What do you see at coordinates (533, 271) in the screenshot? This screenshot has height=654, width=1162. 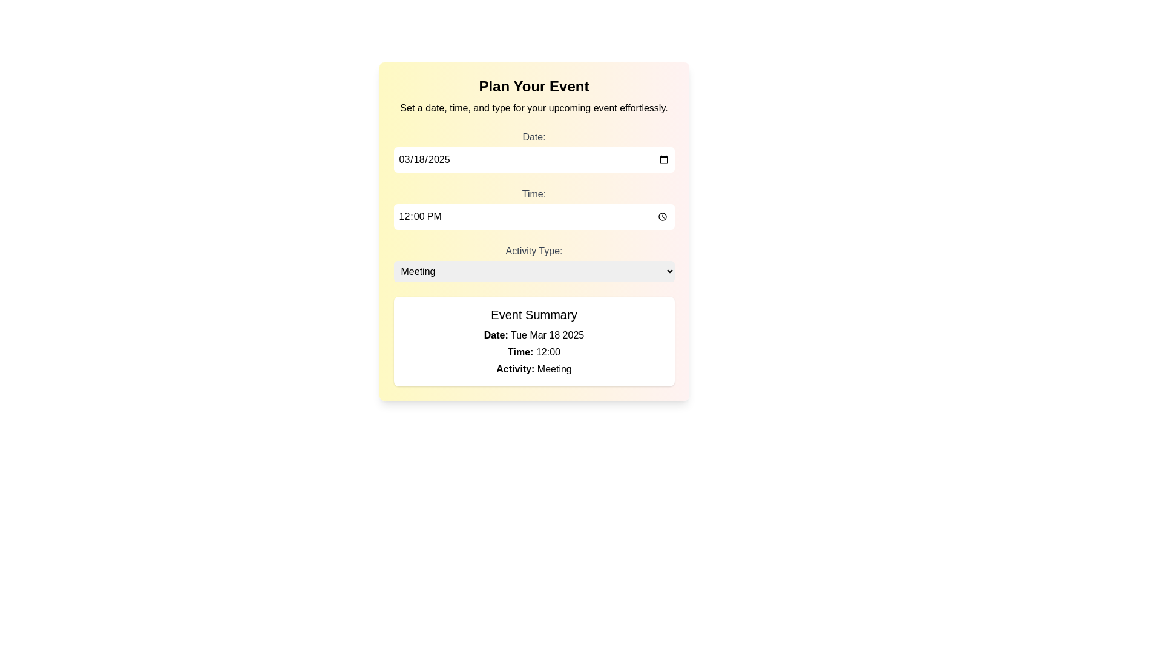 I see `the dropdown menu displaying 'Meeting'` at bounding box center [533, 271].